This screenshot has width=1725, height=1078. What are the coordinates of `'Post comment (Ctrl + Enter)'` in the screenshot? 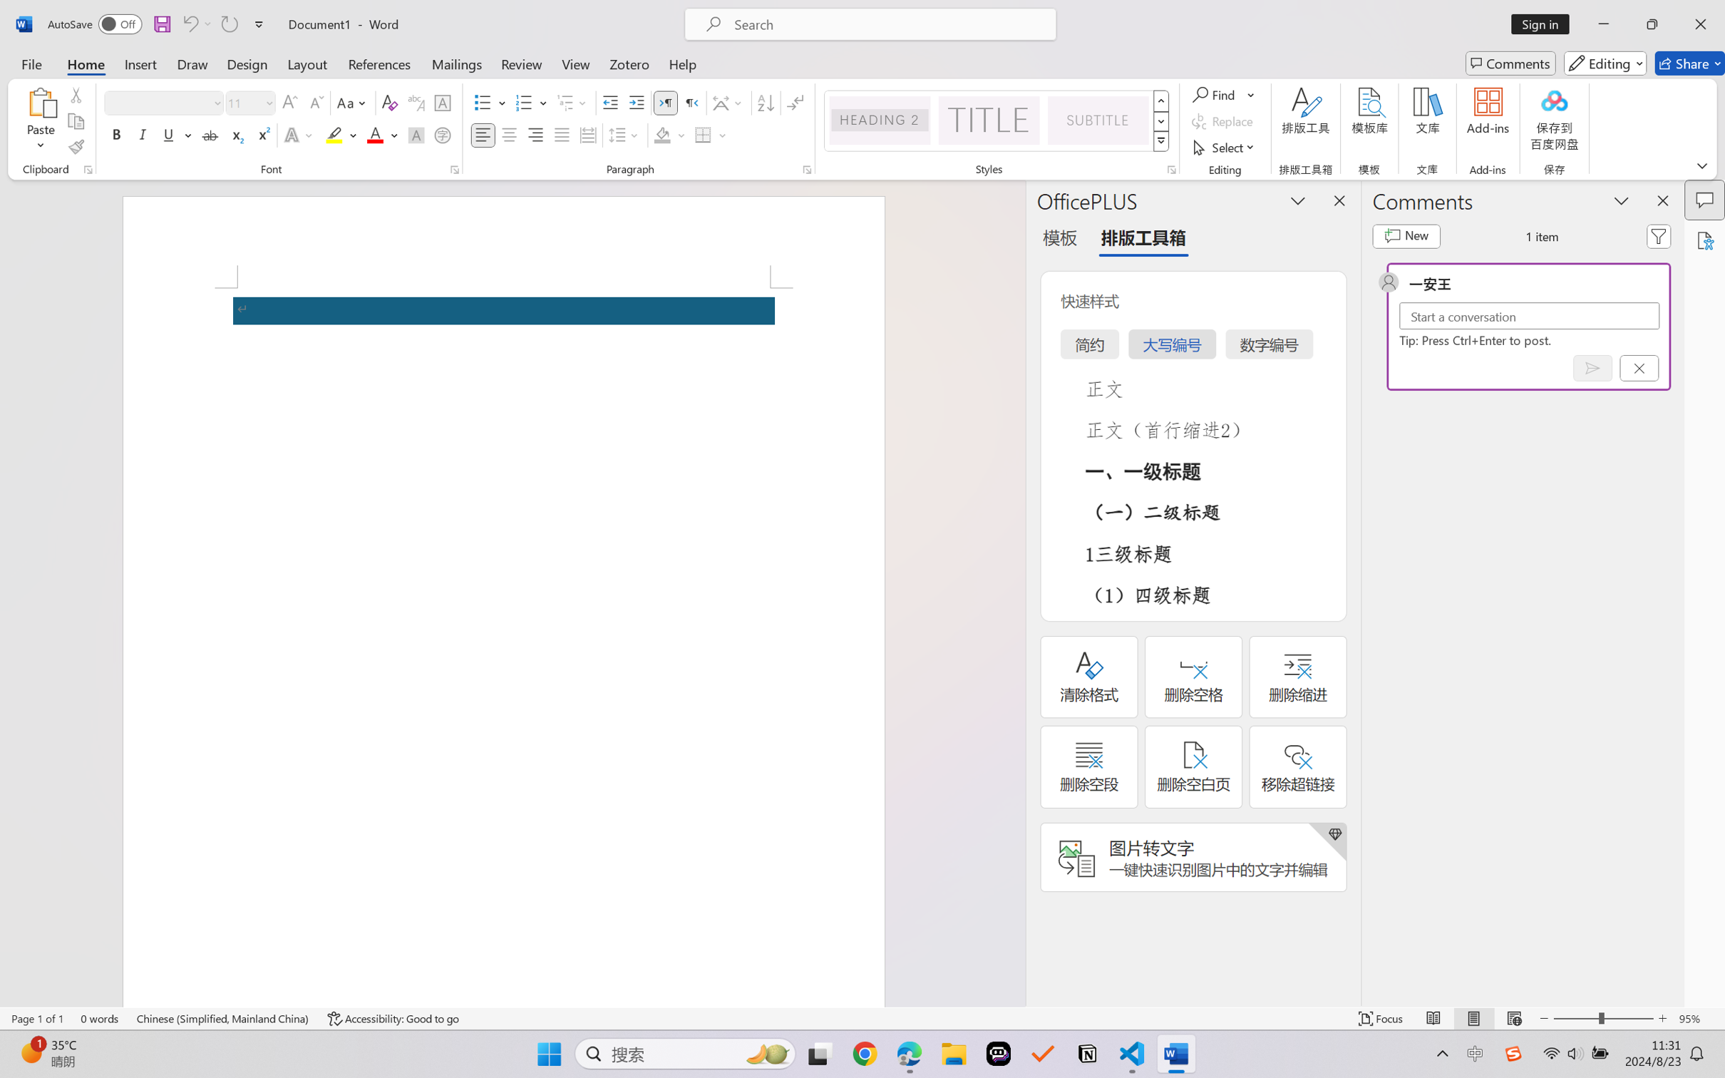 It's located at (1592, 367).